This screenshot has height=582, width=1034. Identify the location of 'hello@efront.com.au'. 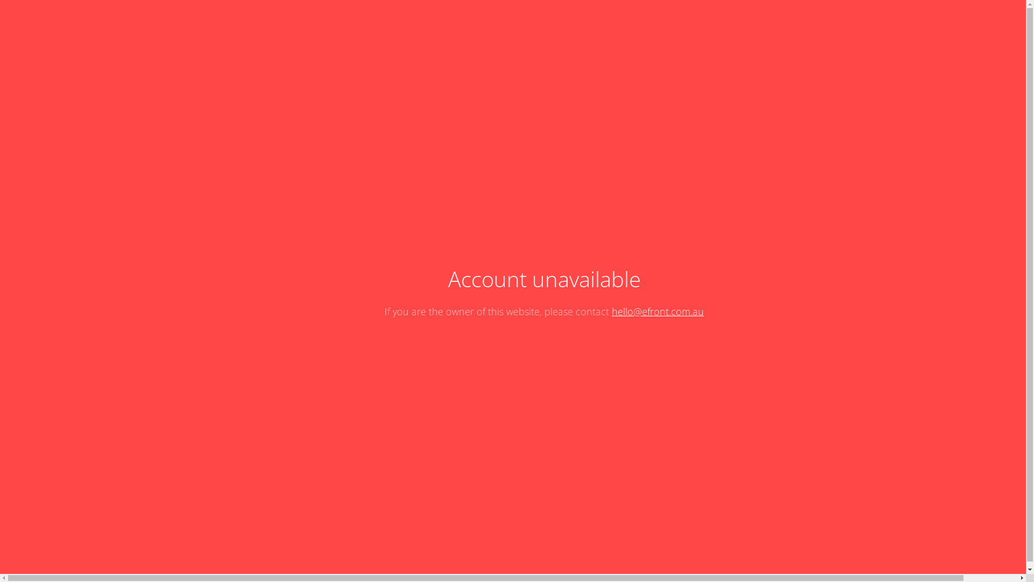
(657, 311).